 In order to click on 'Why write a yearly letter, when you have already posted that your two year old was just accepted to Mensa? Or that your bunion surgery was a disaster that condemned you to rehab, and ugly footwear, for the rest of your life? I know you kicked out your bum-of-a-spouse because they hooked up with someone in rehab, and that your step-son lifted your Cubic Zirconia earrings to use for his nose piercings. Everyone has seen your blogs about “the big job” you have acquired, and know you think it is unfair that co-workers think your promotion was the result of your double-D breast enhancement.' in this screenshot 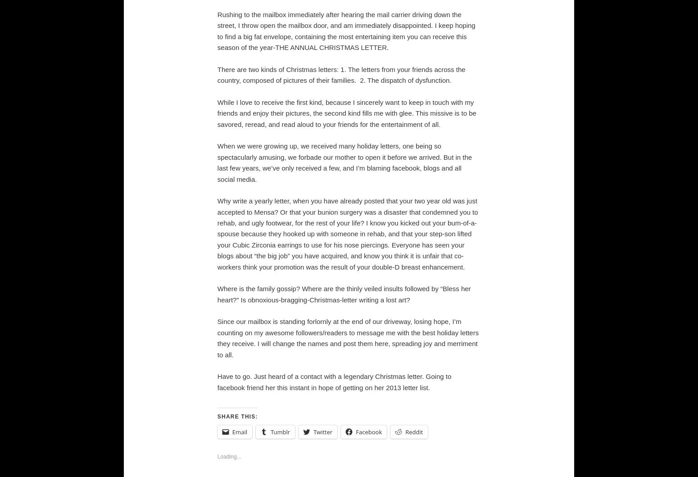, I will do `click(347, 233)`.